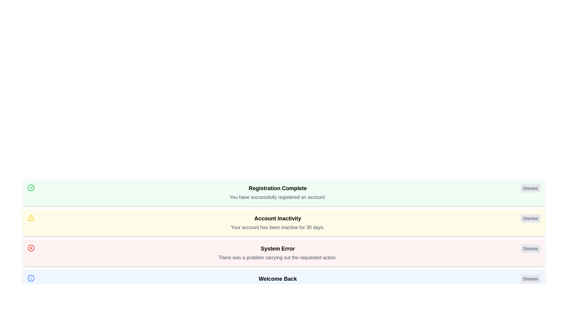  What do you see at coordinates (277, 257) in the screenshot?
I see `text from the Text Label element stating 'There was a problem carrying out the requested action.' which is styled in gray and located below the 'System Error' heading` at bounding box center [277, 257].